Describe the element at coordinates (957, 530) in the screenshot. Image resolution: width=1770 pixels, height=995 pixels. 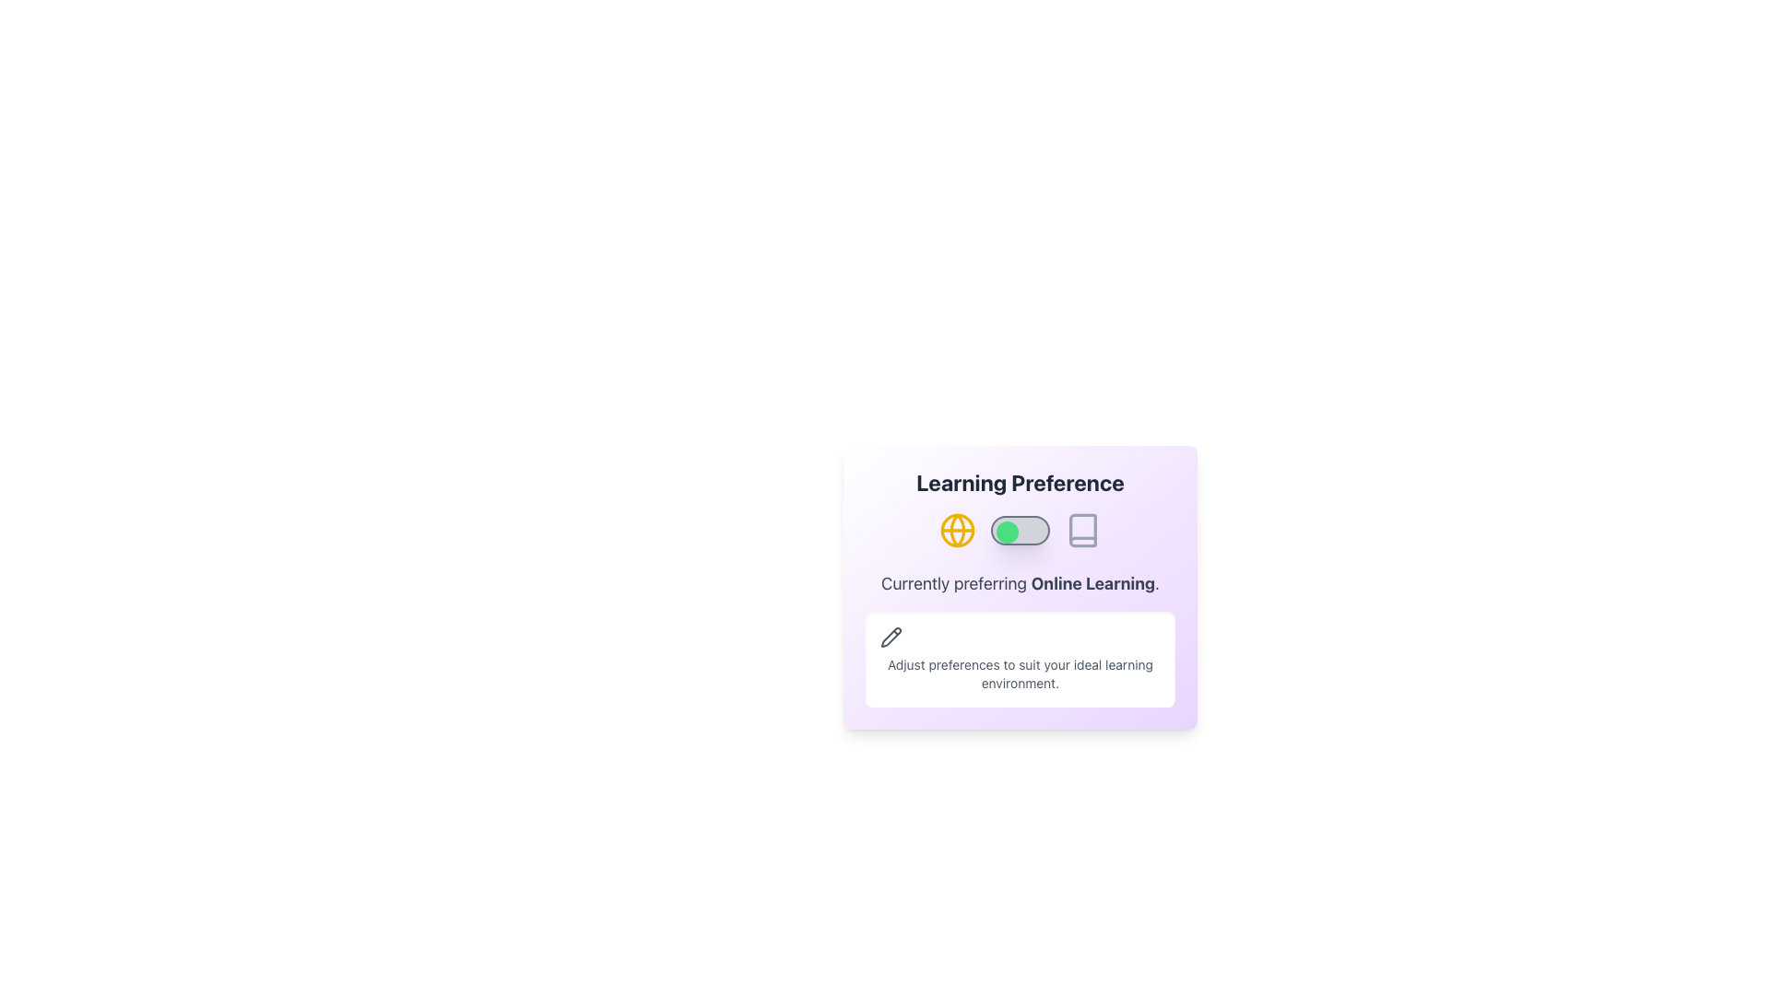
I see `the yellow circular globe icon located inside a compact interface component, positioned to the left of a toggle switch near the top of the context interface` at that location.